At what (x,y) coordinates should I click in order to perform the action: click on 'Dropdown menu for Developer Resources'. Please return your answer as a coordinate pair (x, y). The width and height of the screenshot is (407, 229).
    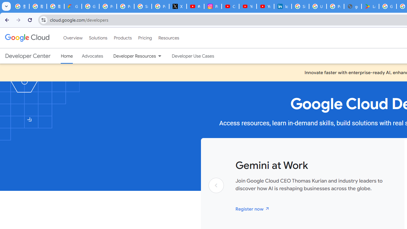
    Looking at the image, I should click on (160, 56).